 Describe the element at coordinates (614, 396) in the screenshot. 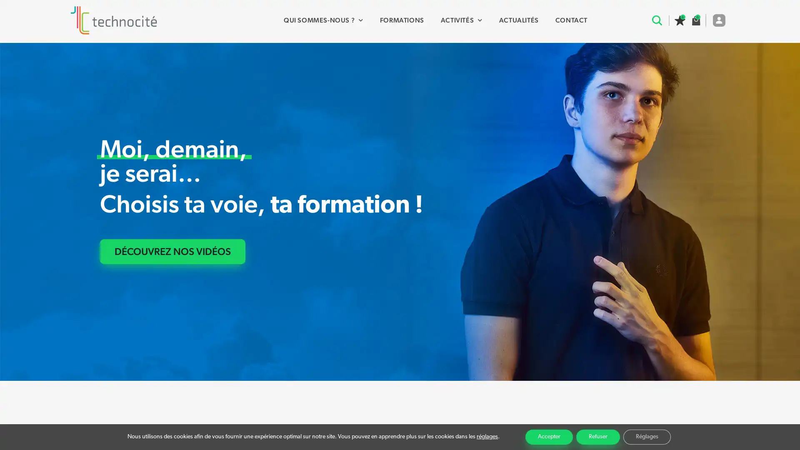

I see `Recherche avancee` at that location.